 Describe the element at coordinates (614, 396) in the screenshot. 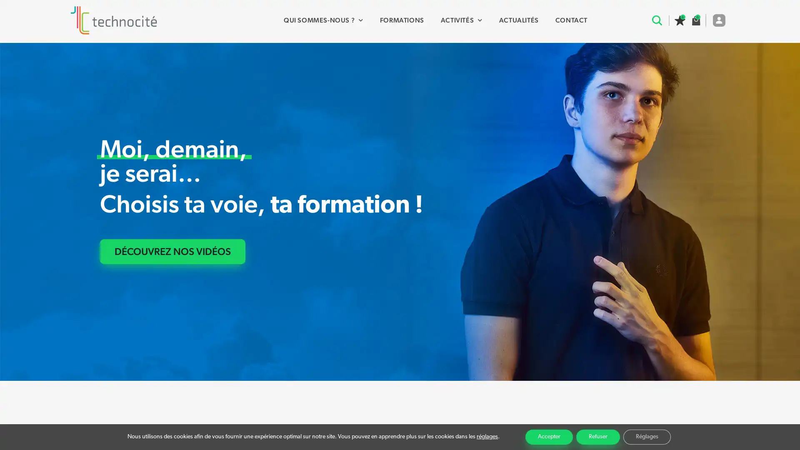

I see `Recherche avancee` at that location.